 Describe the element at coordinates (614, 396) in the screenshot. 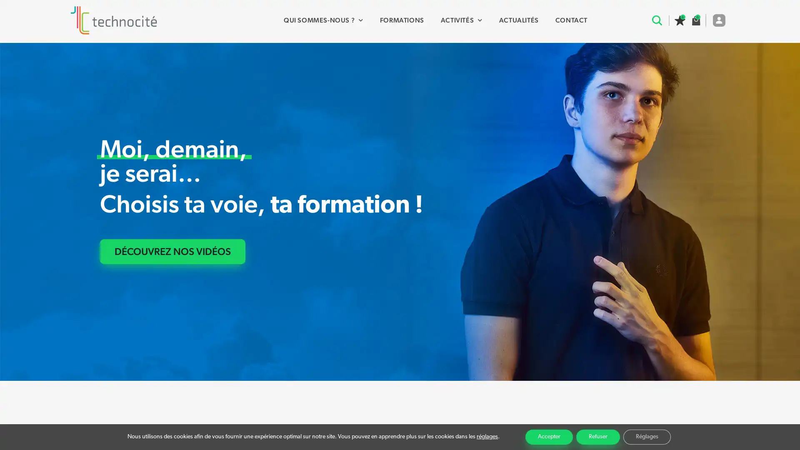

I see `Recherche avancee` at that location.